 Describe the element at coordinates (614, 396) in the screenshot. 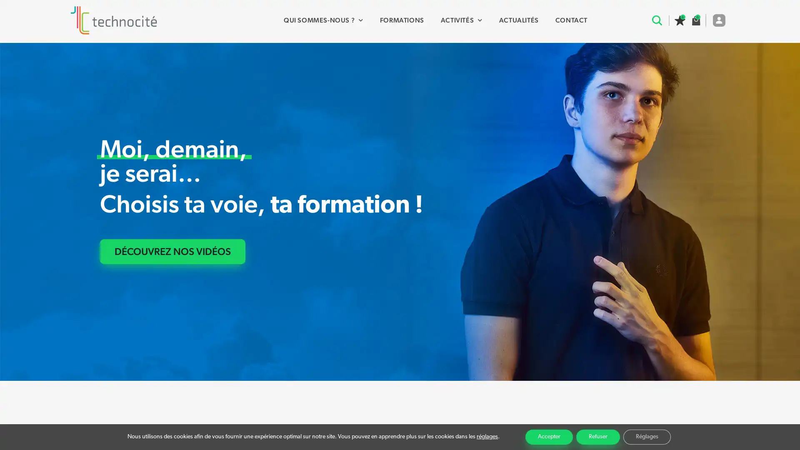

I see `Recherche avancee` at that location.